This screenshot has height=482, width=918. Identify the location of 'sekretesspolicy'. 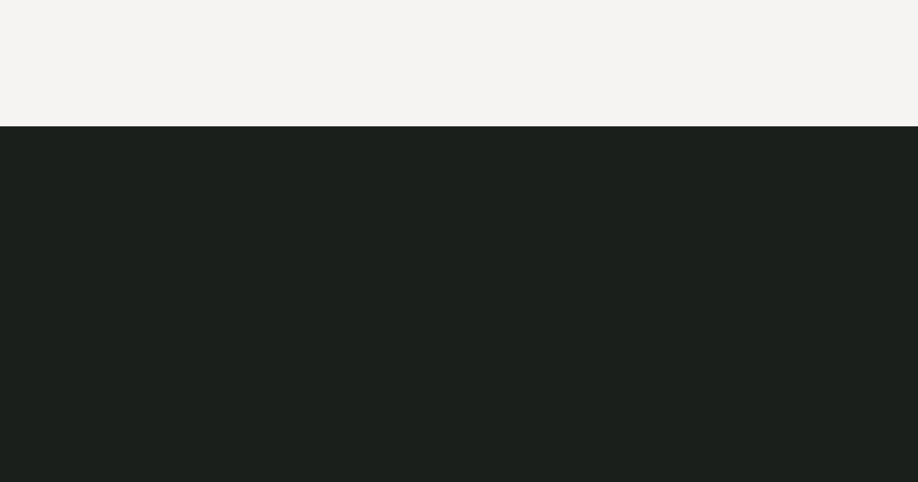
(315, 394).